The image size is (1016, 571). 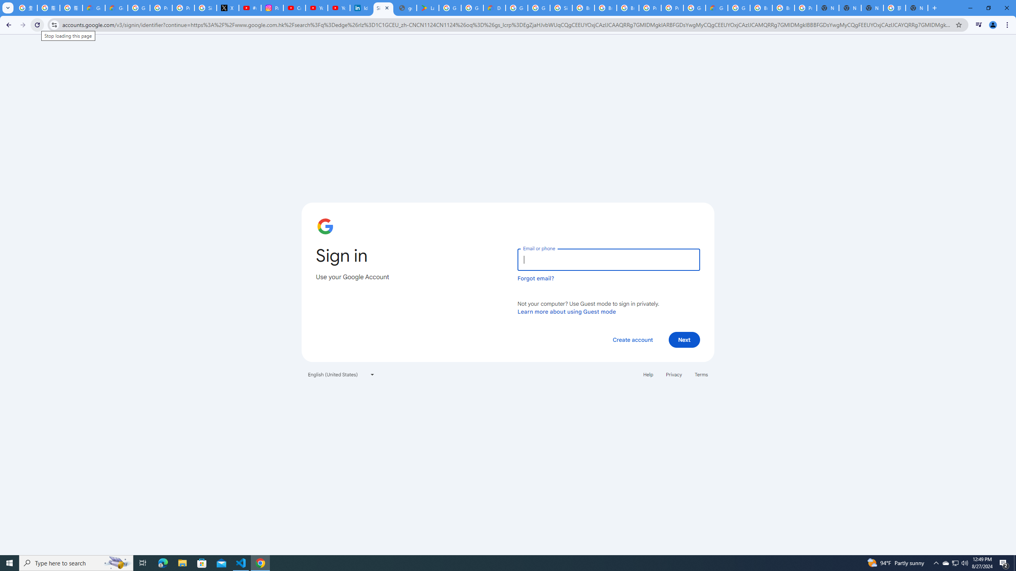 I want to click on 'Learn more about using Guest mode', so click(x=566, y=311).